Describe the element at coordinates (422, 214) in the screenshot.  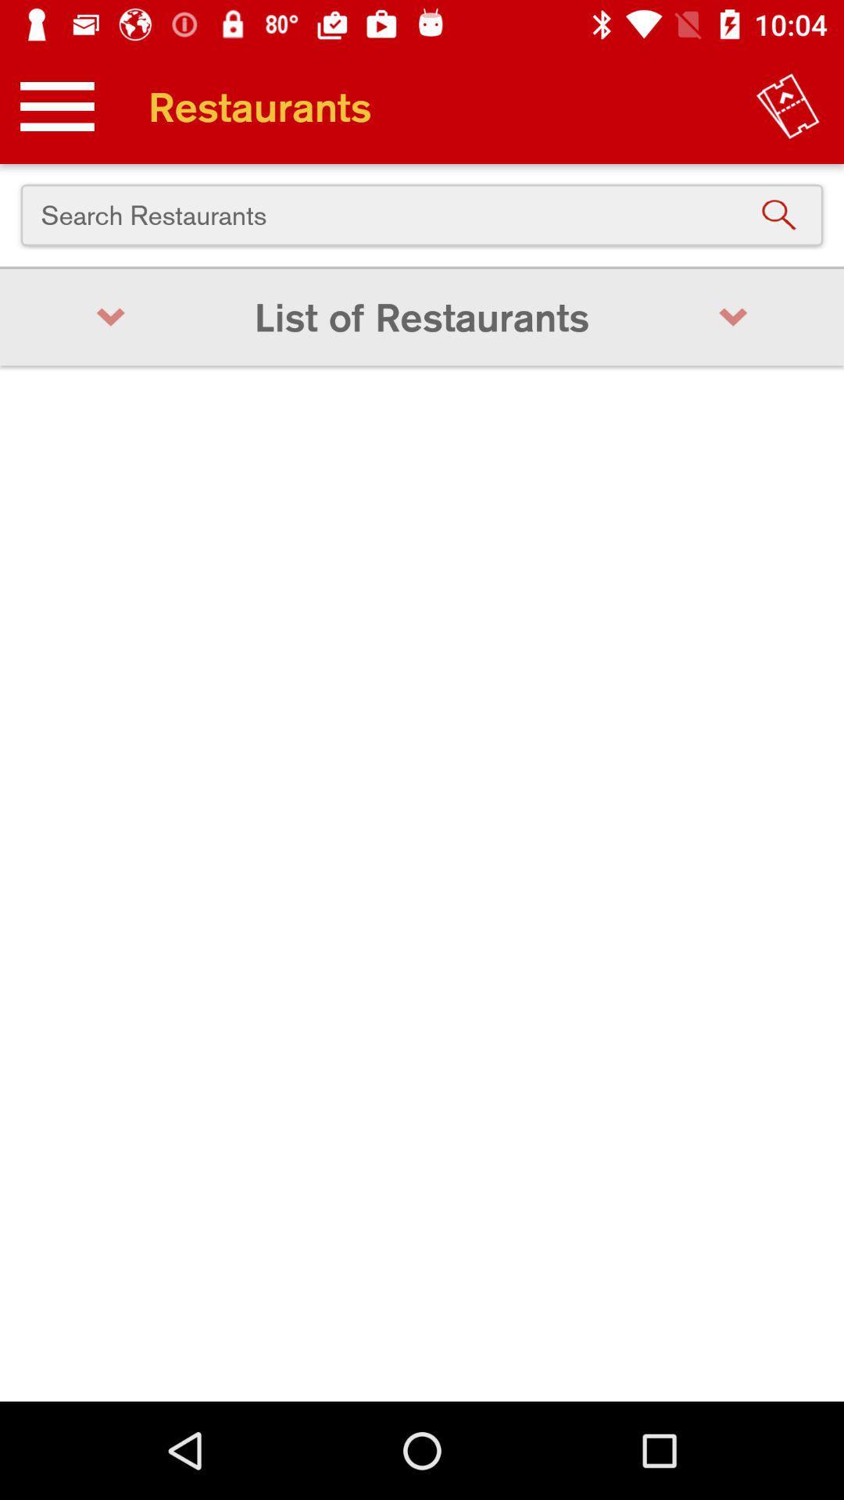
I see `search restaurants` at that location.